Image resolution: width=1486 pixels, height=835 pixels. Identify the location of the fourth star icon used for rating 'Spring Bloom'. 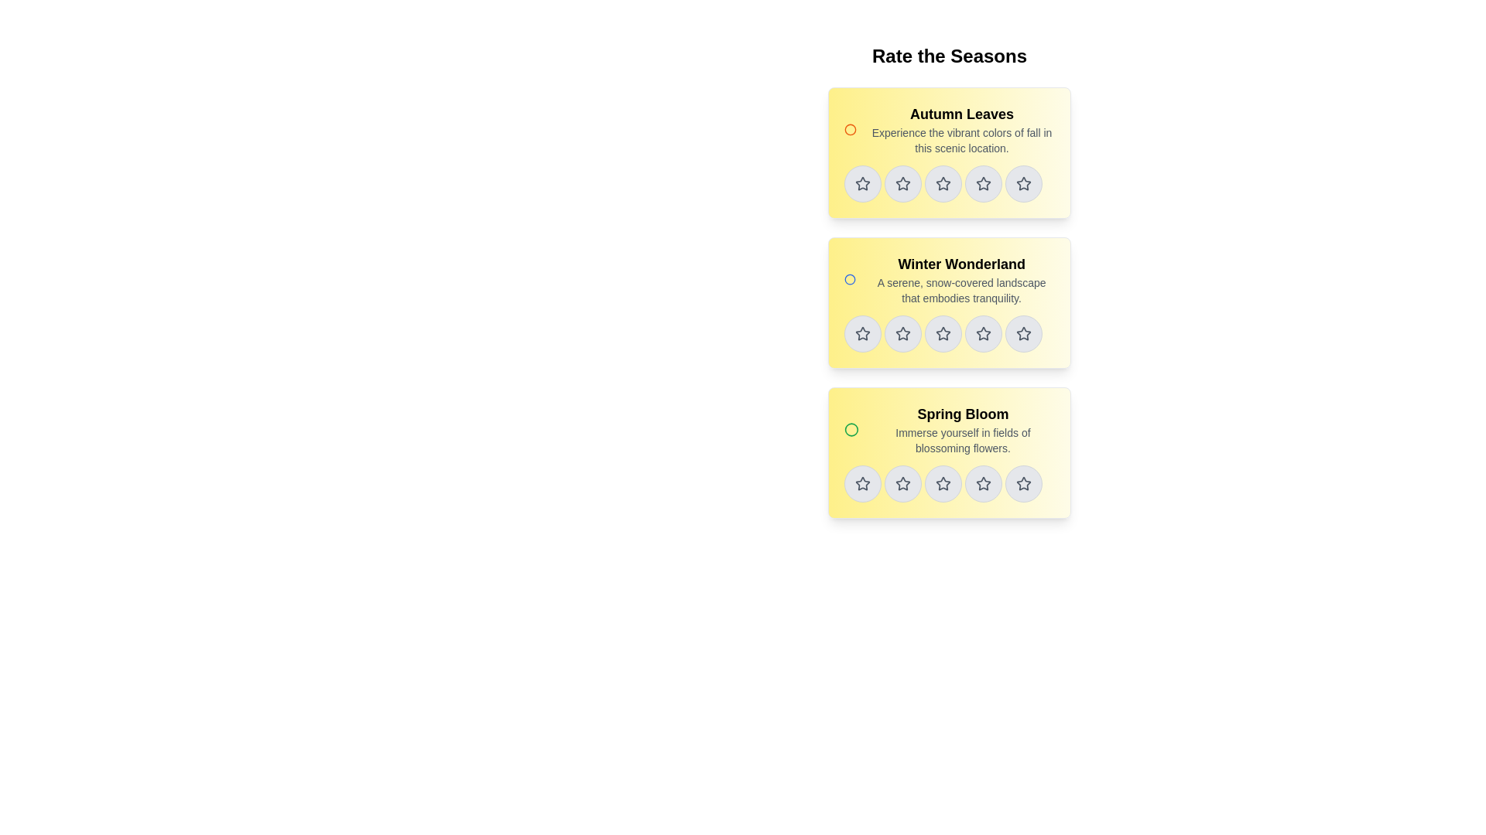
(902, 482).